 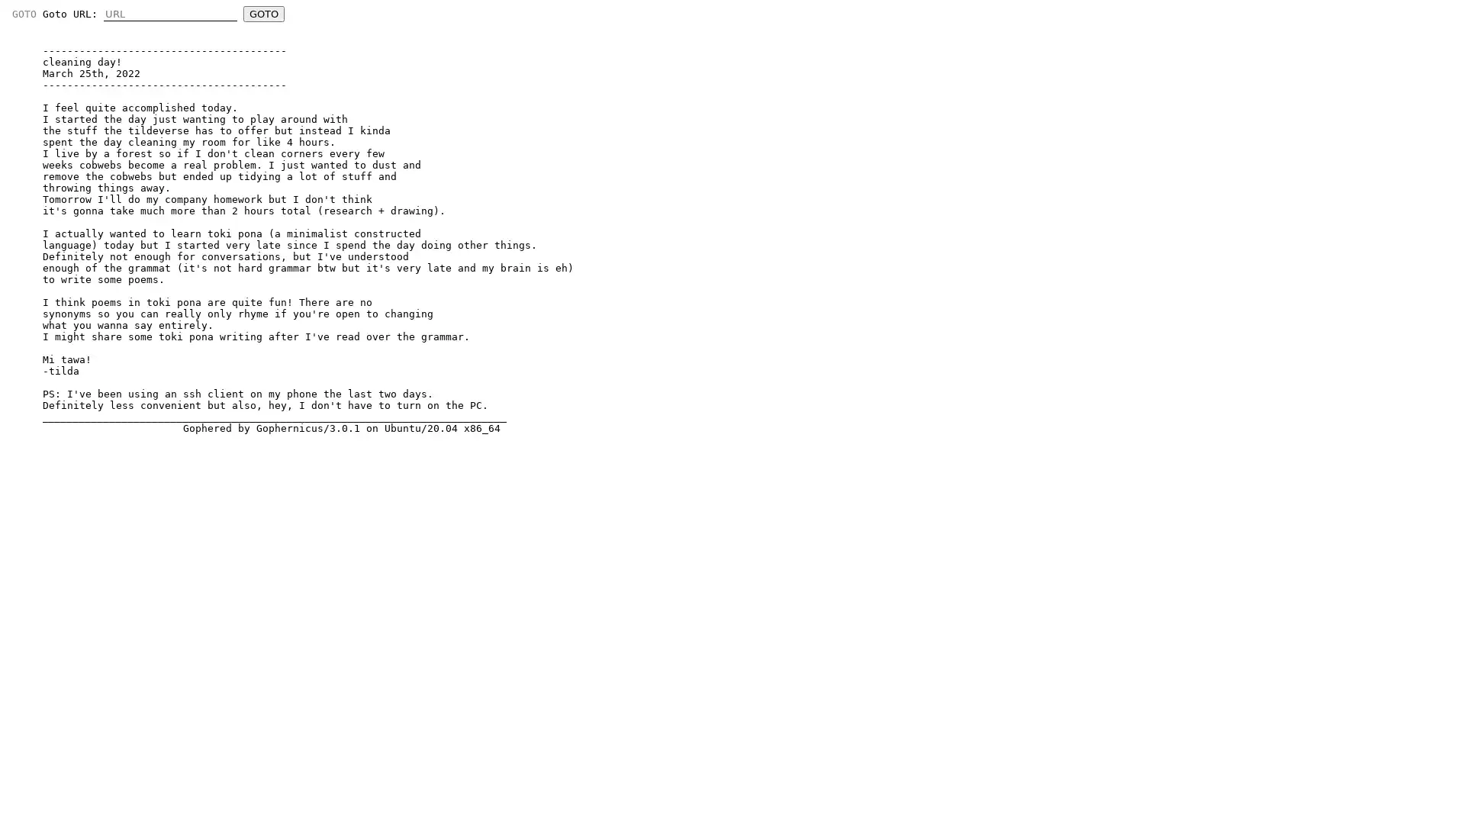 I want to click on GOTO, so click(x=263, y=14).